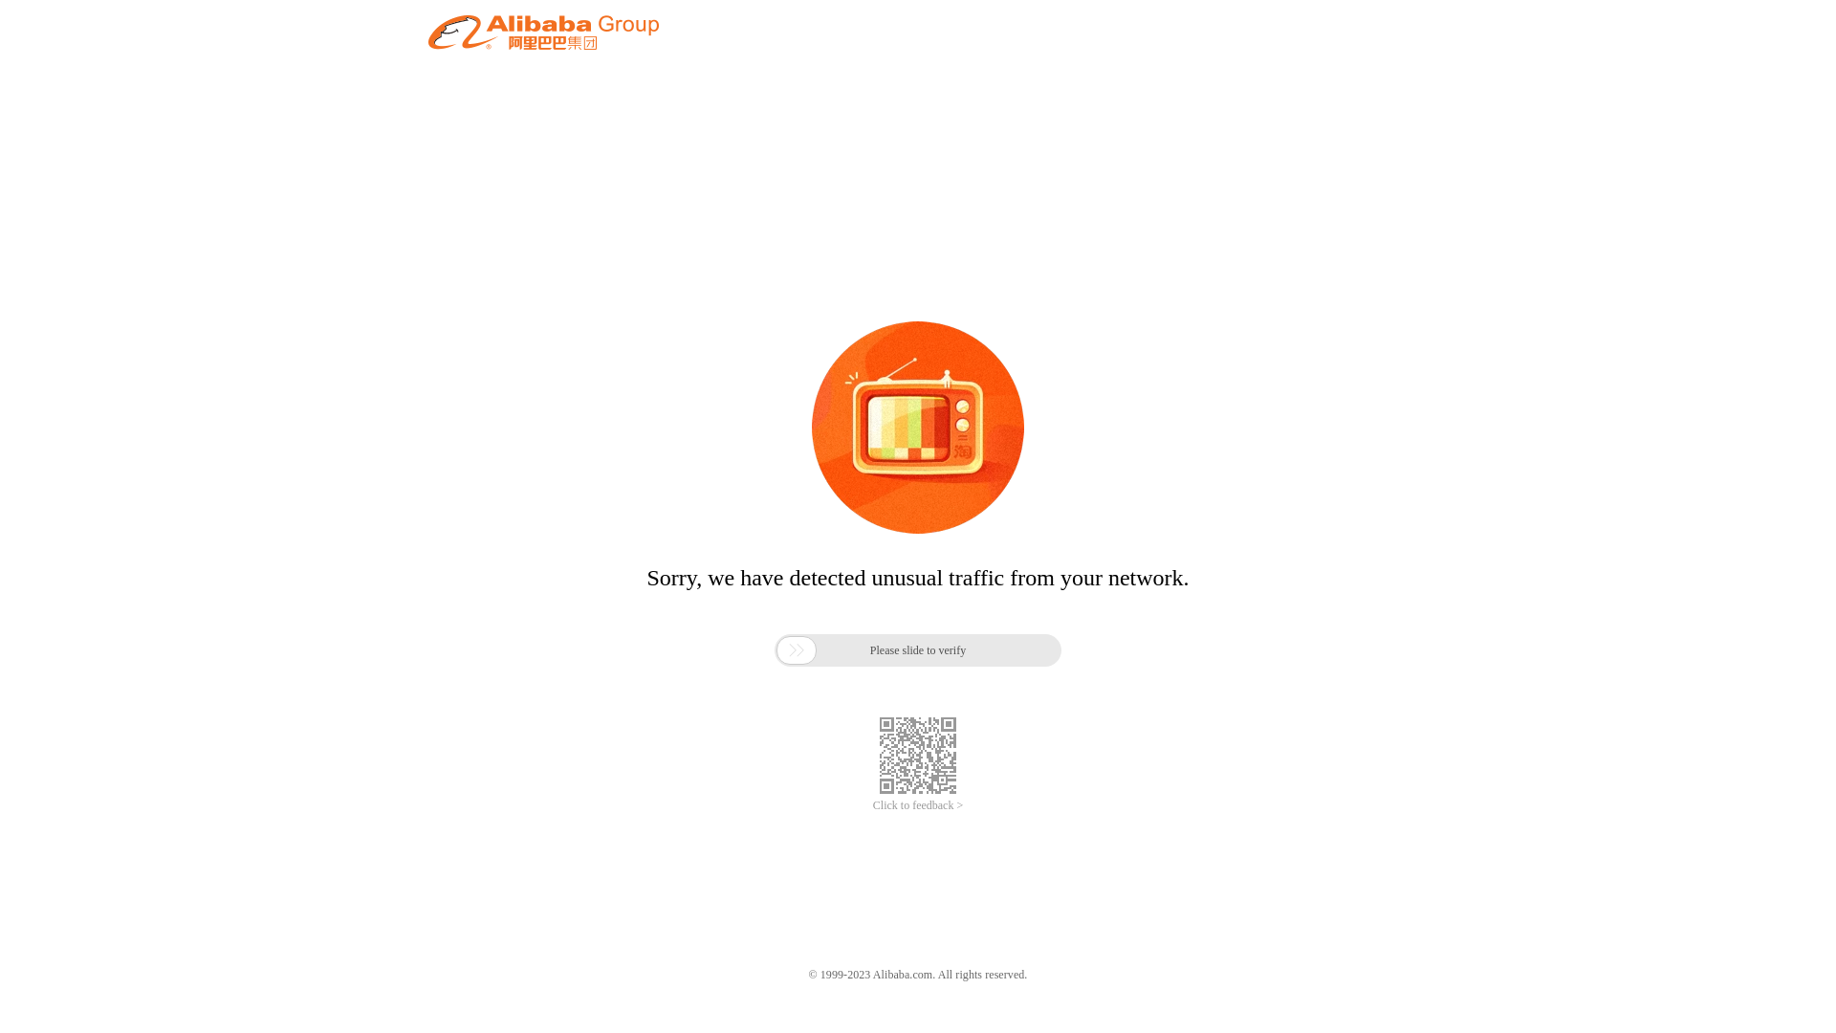 Image resolution: width=1836 pixels, height=1033 pixels. Describe the element at coordinates (918, 805) in the screenshot. I see `'Click to feedback >'` at that location.